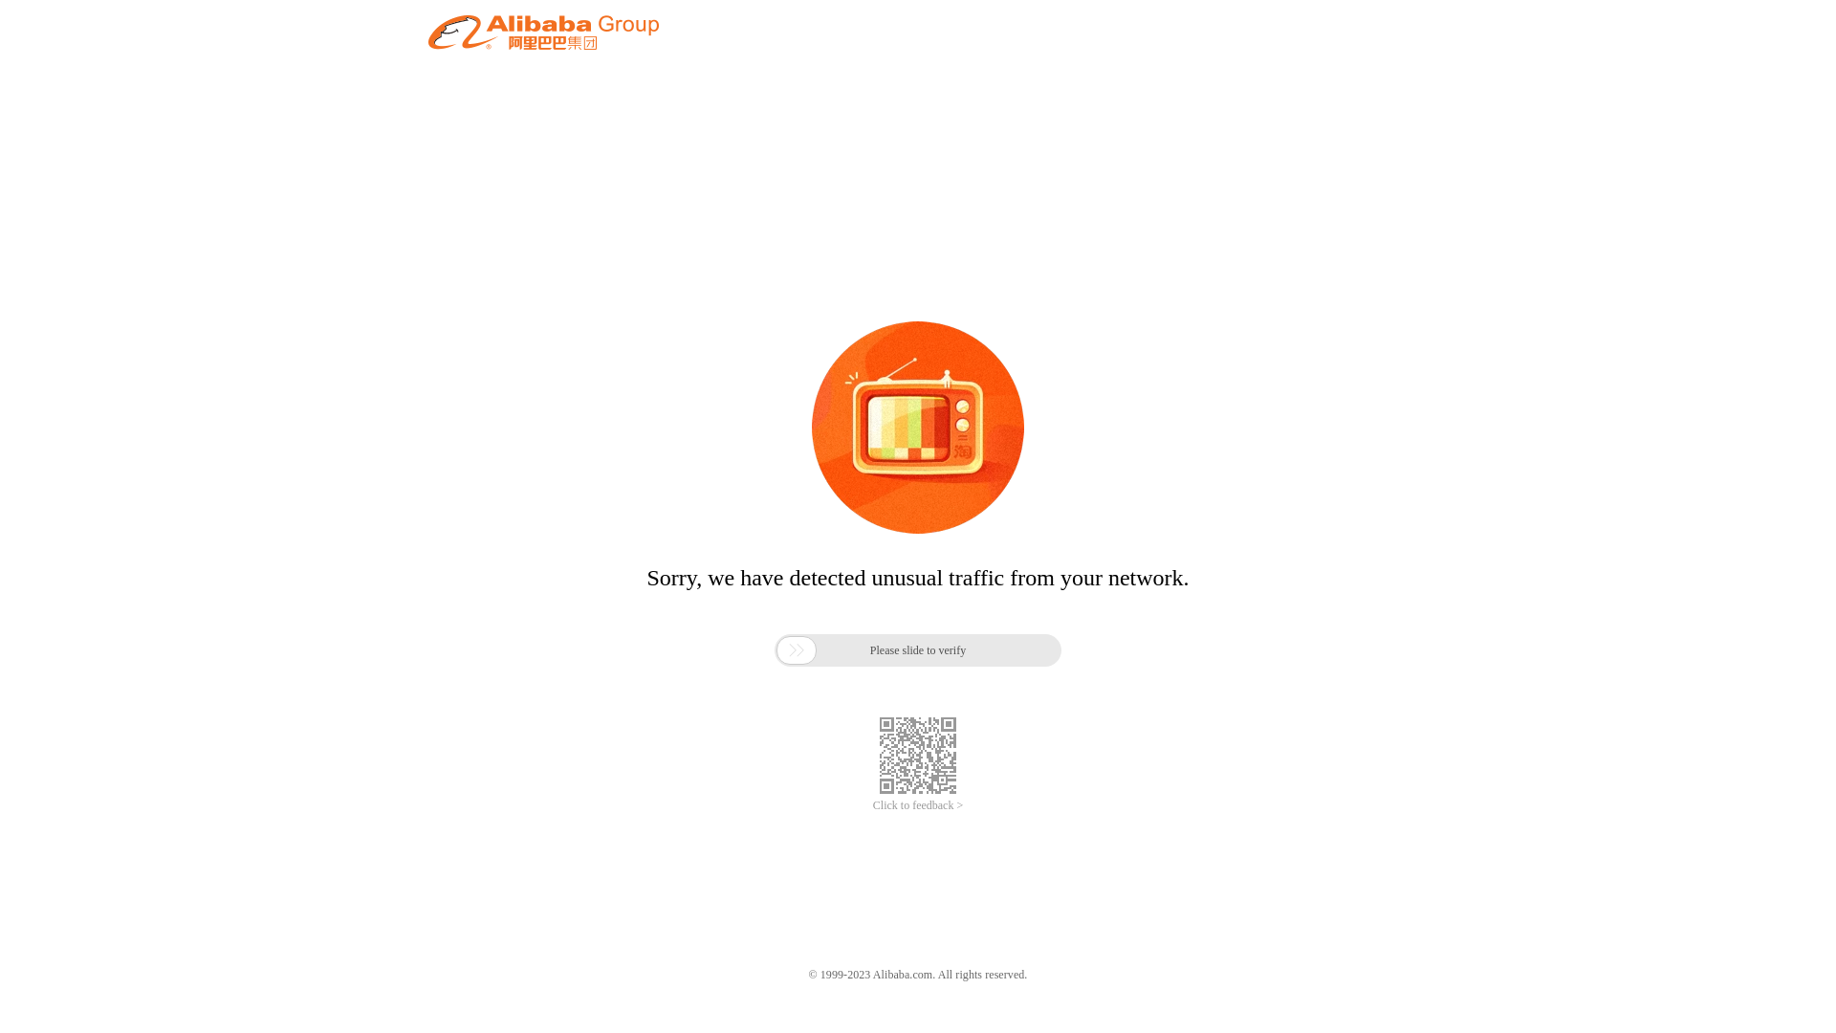 Image resolution: width=1836 pixels, height=1033 pixels. Describe the element at coordinates (918, 805) in the screenshot. I see `'Click to feedback >'` at that location.